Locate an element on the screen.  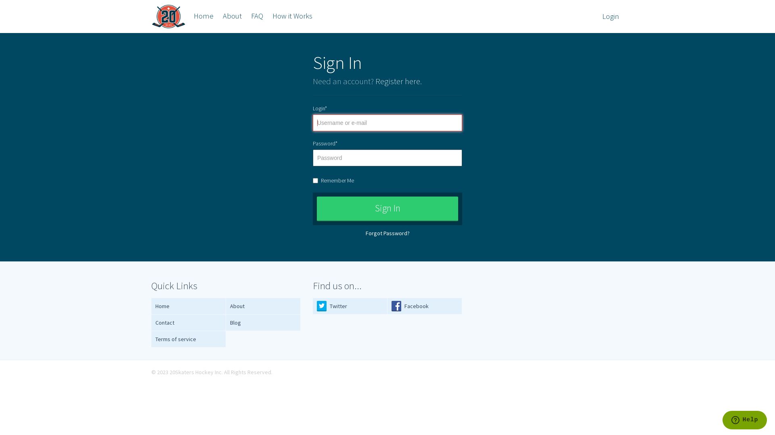
'Contact' is located at coordinates (188, 322).